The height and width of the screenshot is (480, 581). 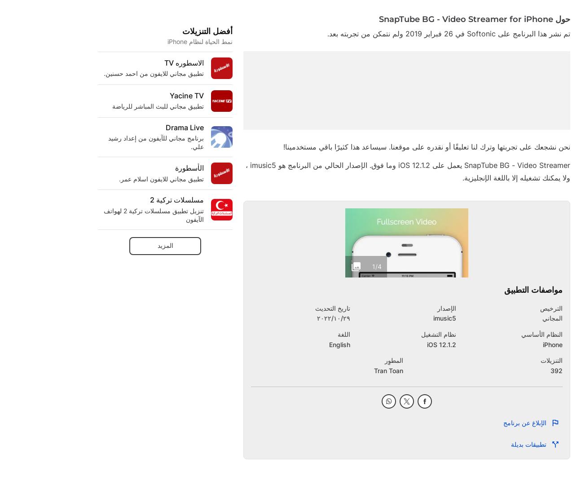 What do you see at coordinates (75, 130) in the screenshot?
I see `'E'` at bounding box center [75, 130].